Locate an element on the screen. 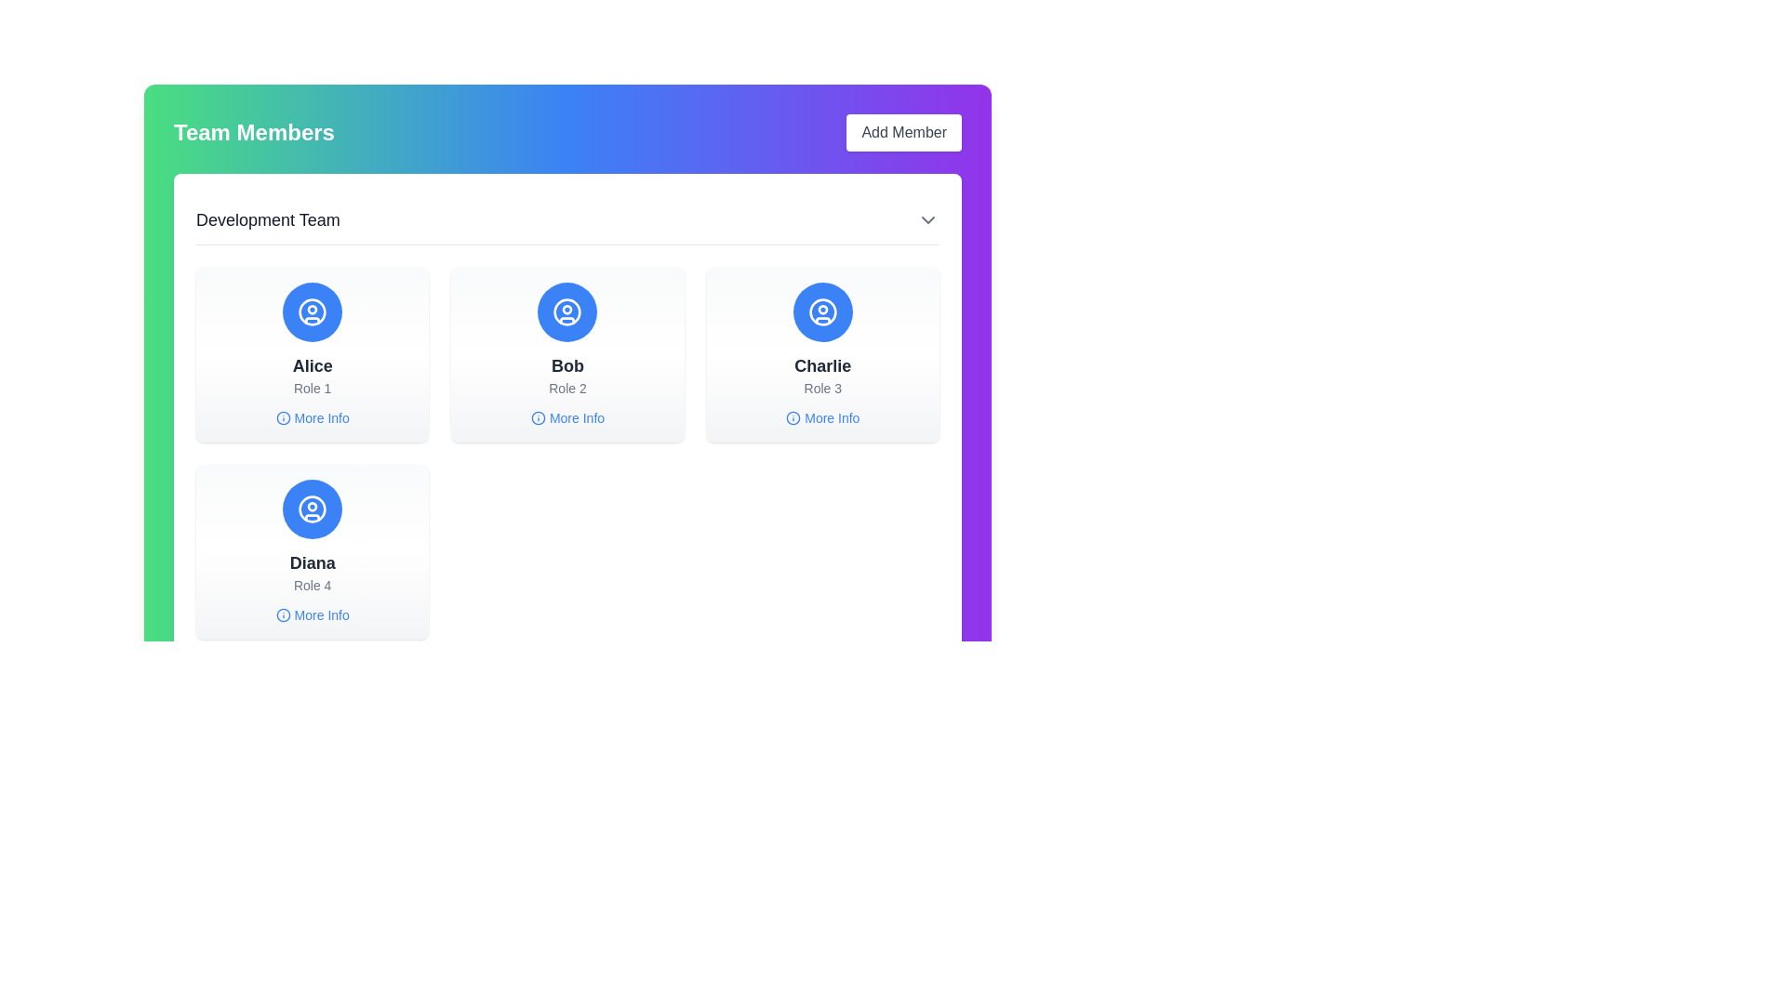  text content of the header label located at the top-left corner of the interface, adjacent to an expandable arrow icon is located at coordinates (267, 218).